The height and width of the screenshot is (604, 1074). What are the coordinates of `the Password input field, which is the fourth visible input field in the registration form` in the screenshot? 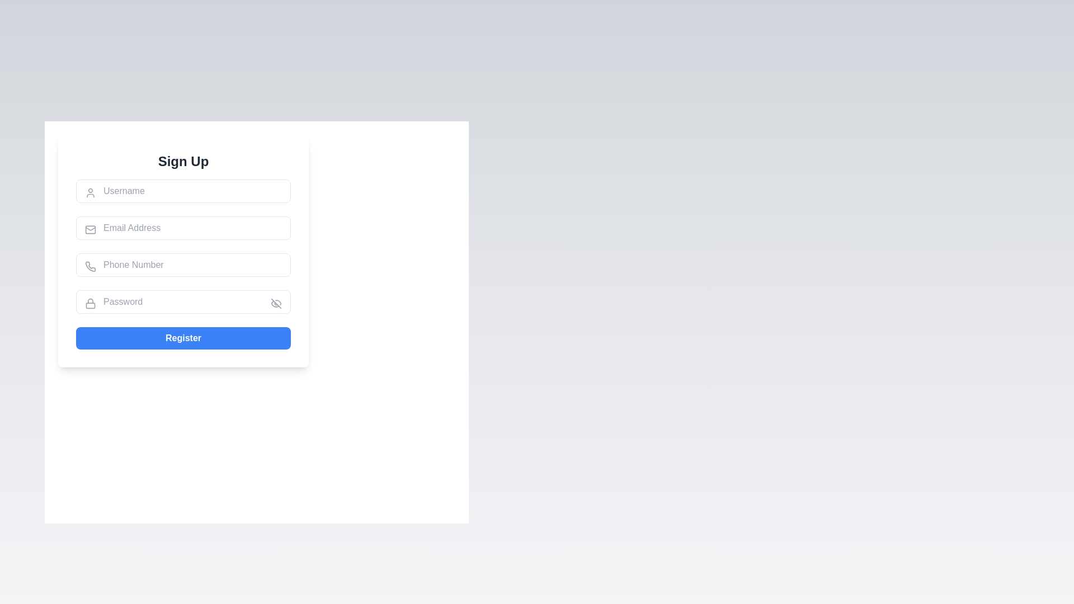 It's located at (183, 302).